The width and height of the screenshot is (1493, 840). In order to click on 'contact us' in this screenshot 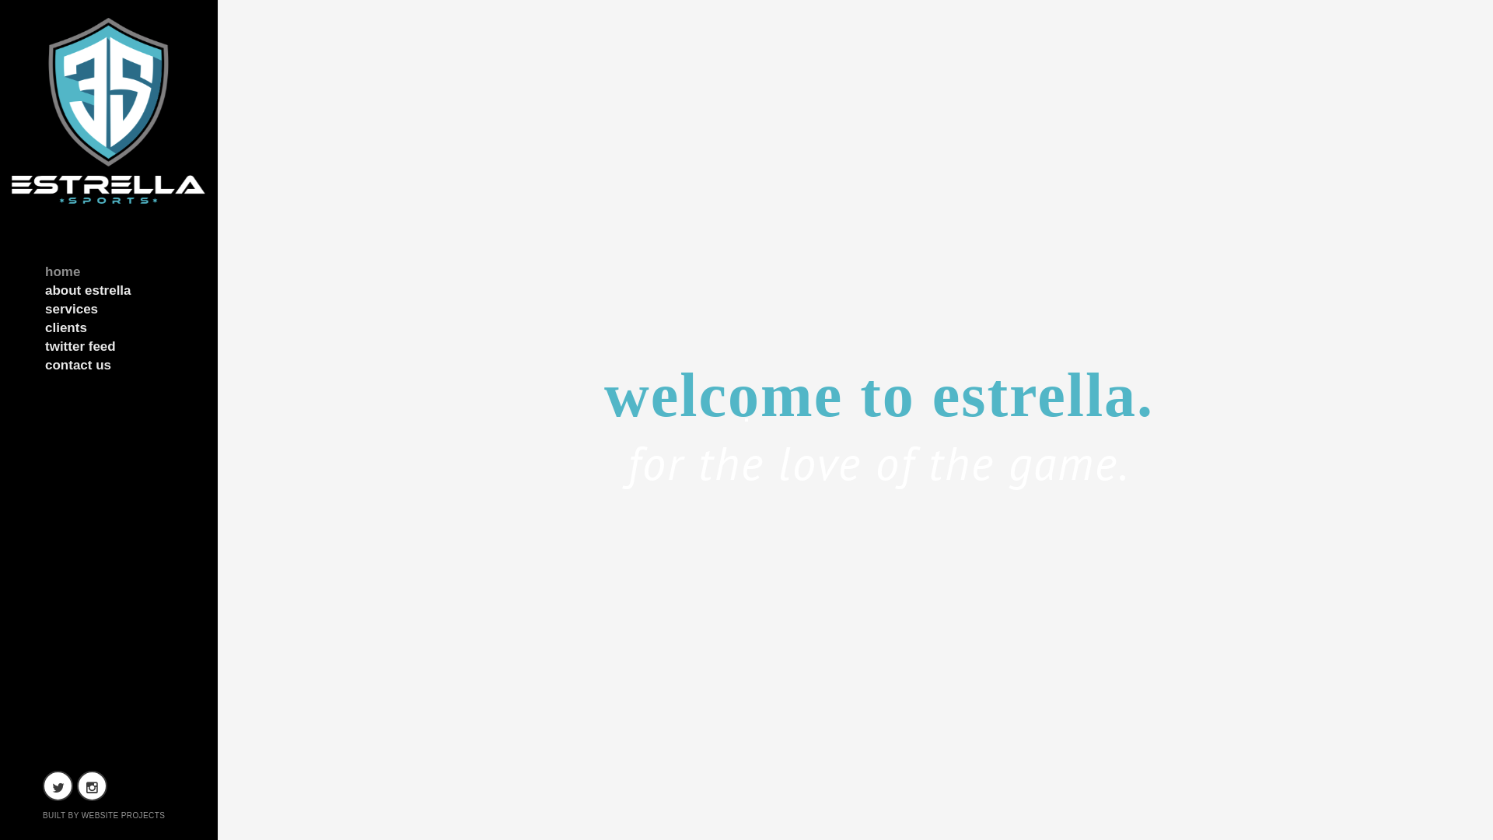, I will do `click(44, 369)`.